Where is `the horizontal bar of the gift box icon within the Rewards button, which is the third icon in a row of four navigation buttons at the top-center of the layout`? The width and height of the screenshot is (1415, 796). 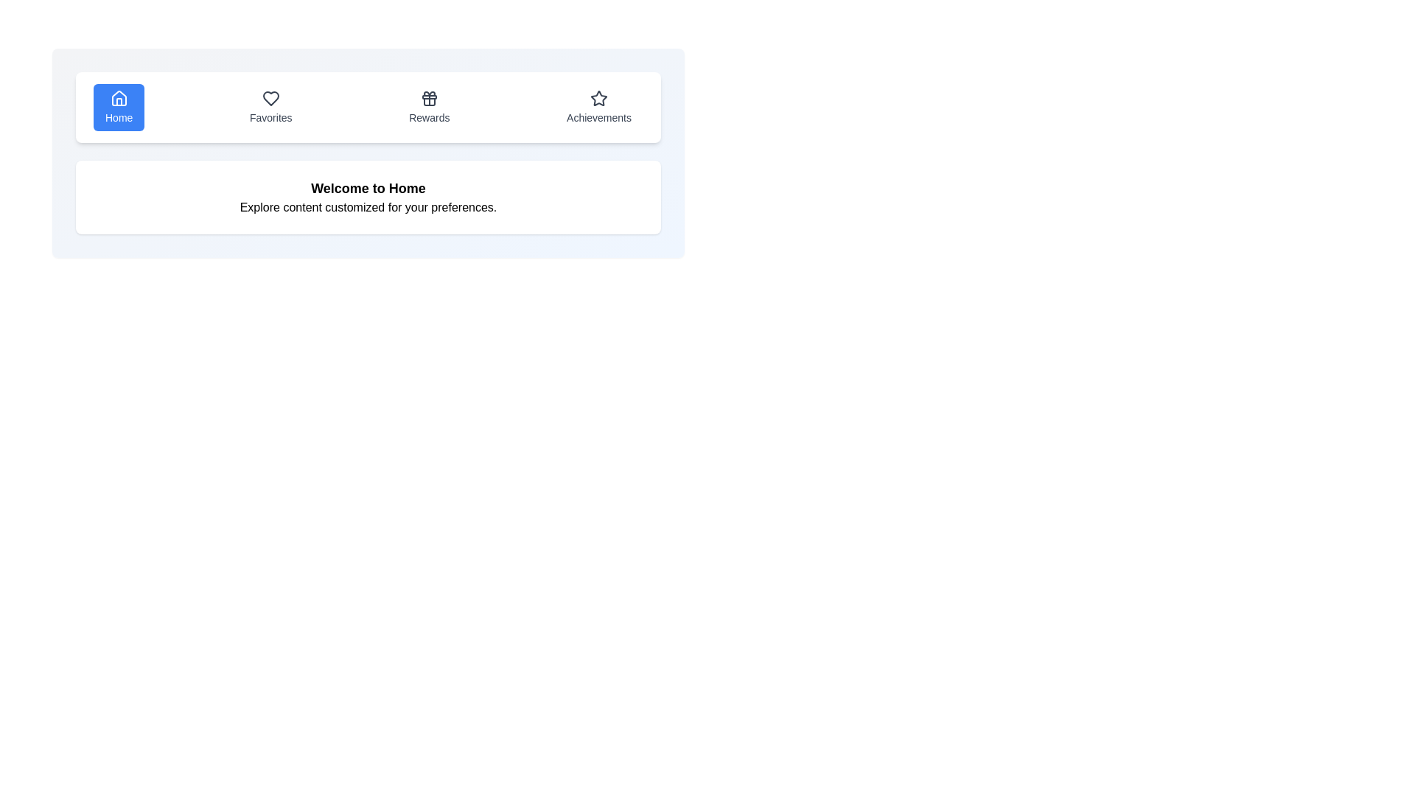
the horizontal bar of the gift box icon within the Rewards button, which is the third icon in a row of four navigation buttons at the top-center of the layout is located at coordinates (428, 97).